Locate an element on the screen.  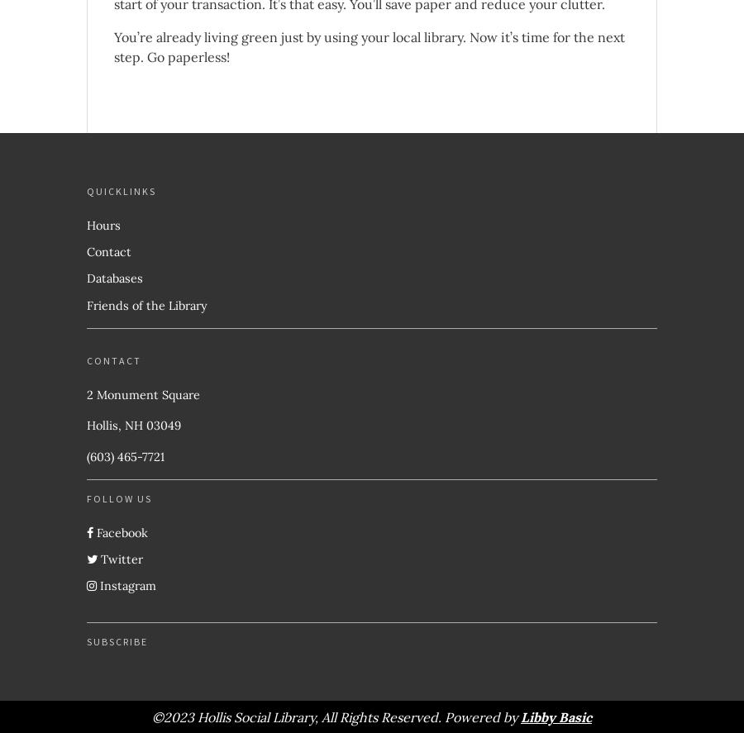
'Quicklinks' is located at coordinates (121, 191).